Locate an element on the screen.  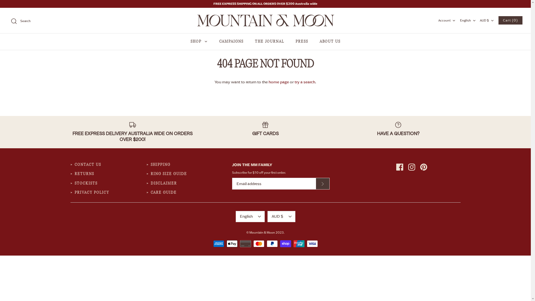
'PRIVACY POLICY' is located at coordinates (92, 192).